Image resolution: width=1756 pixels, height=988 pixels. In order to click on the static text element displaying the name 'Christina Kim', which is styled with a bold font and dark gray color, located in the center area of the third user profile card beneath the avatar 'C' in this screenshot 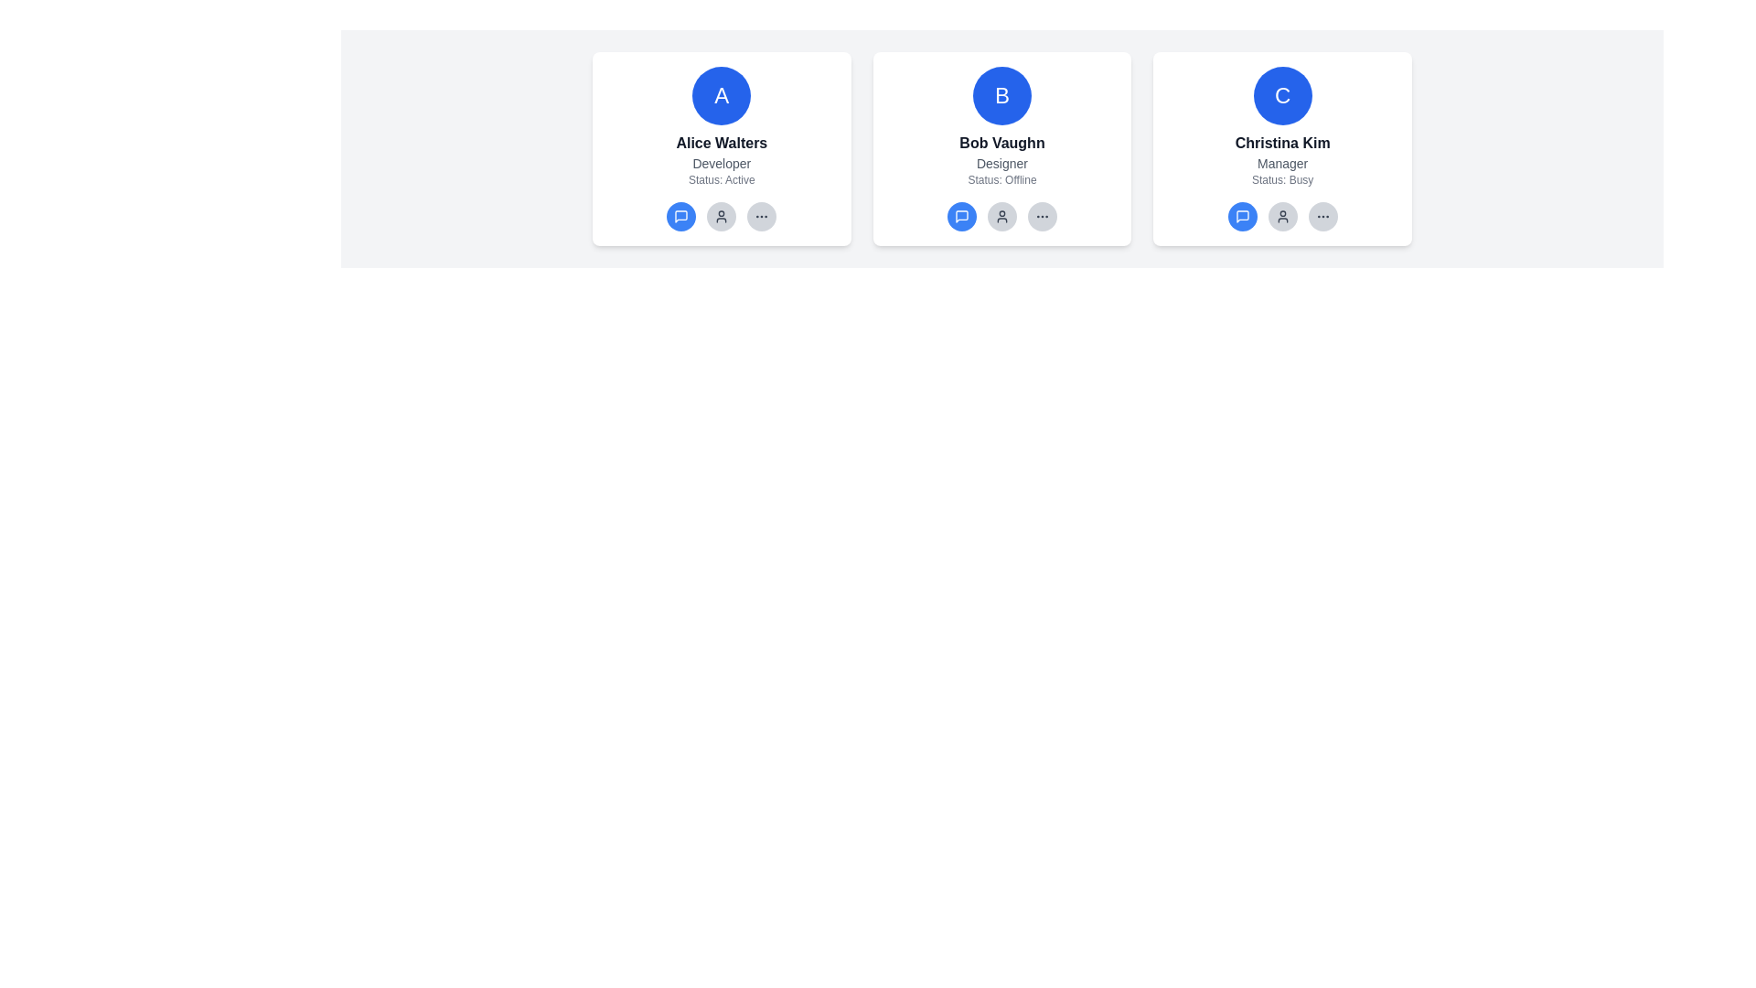, I will do `click(1281, 143)`.